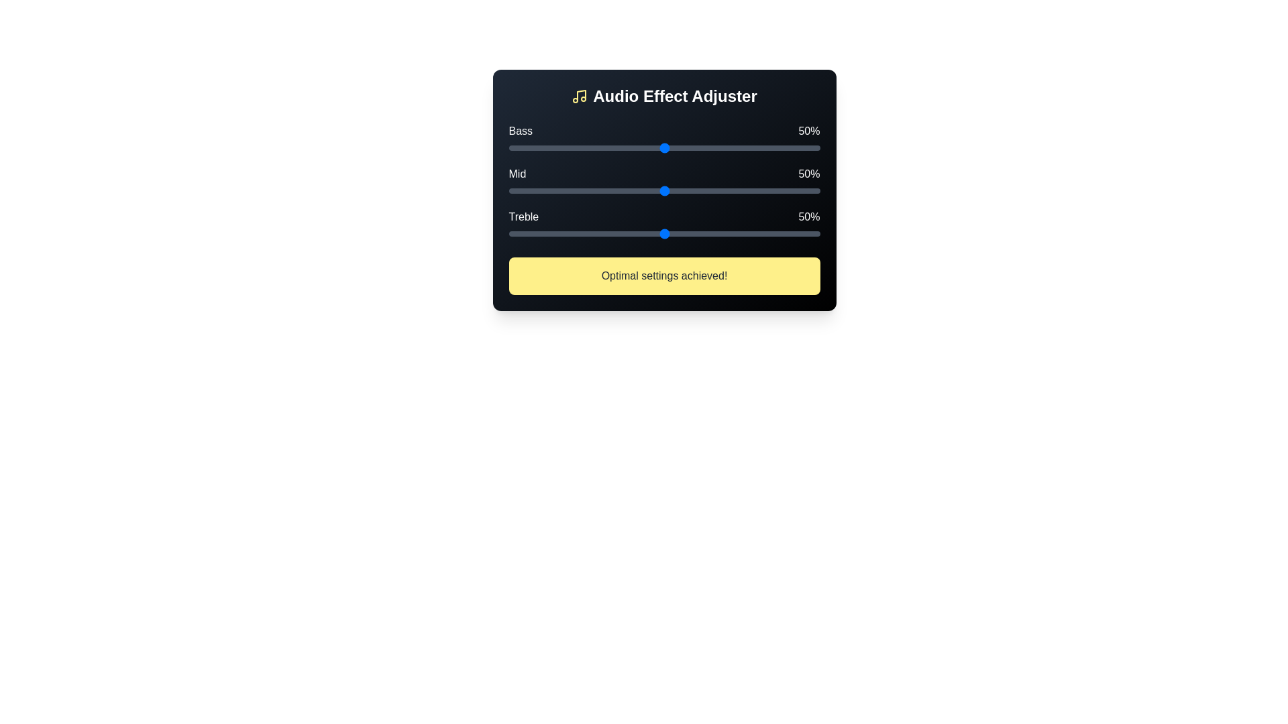 This screenshot has height=724, width=1288. What do you see at coordinates (692, 147) in the screenshot?
I see `the Bass slider to 59% by clicking on the slider track` at bounding box center [692, 147].